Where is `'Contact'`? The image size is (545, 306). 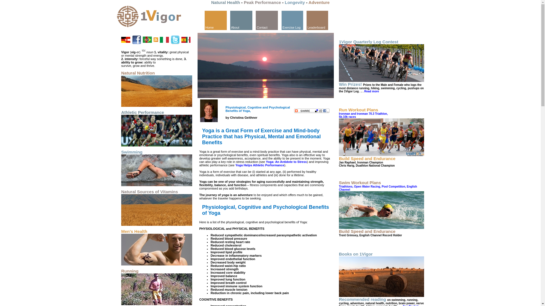 'Contact' is located at coordinates (267, 20).